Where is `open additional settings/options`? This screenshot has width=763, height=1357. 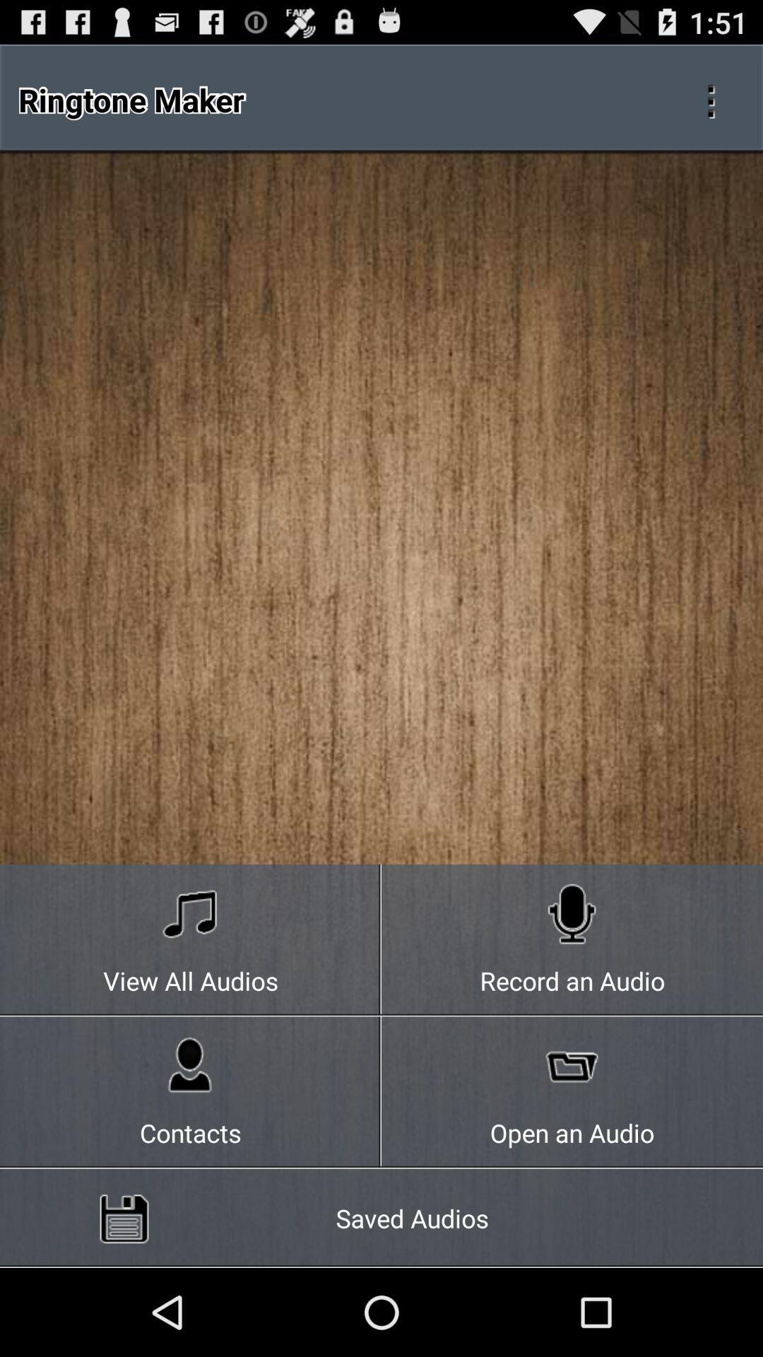
open additional settings/options is located at coordinates (711, 99).